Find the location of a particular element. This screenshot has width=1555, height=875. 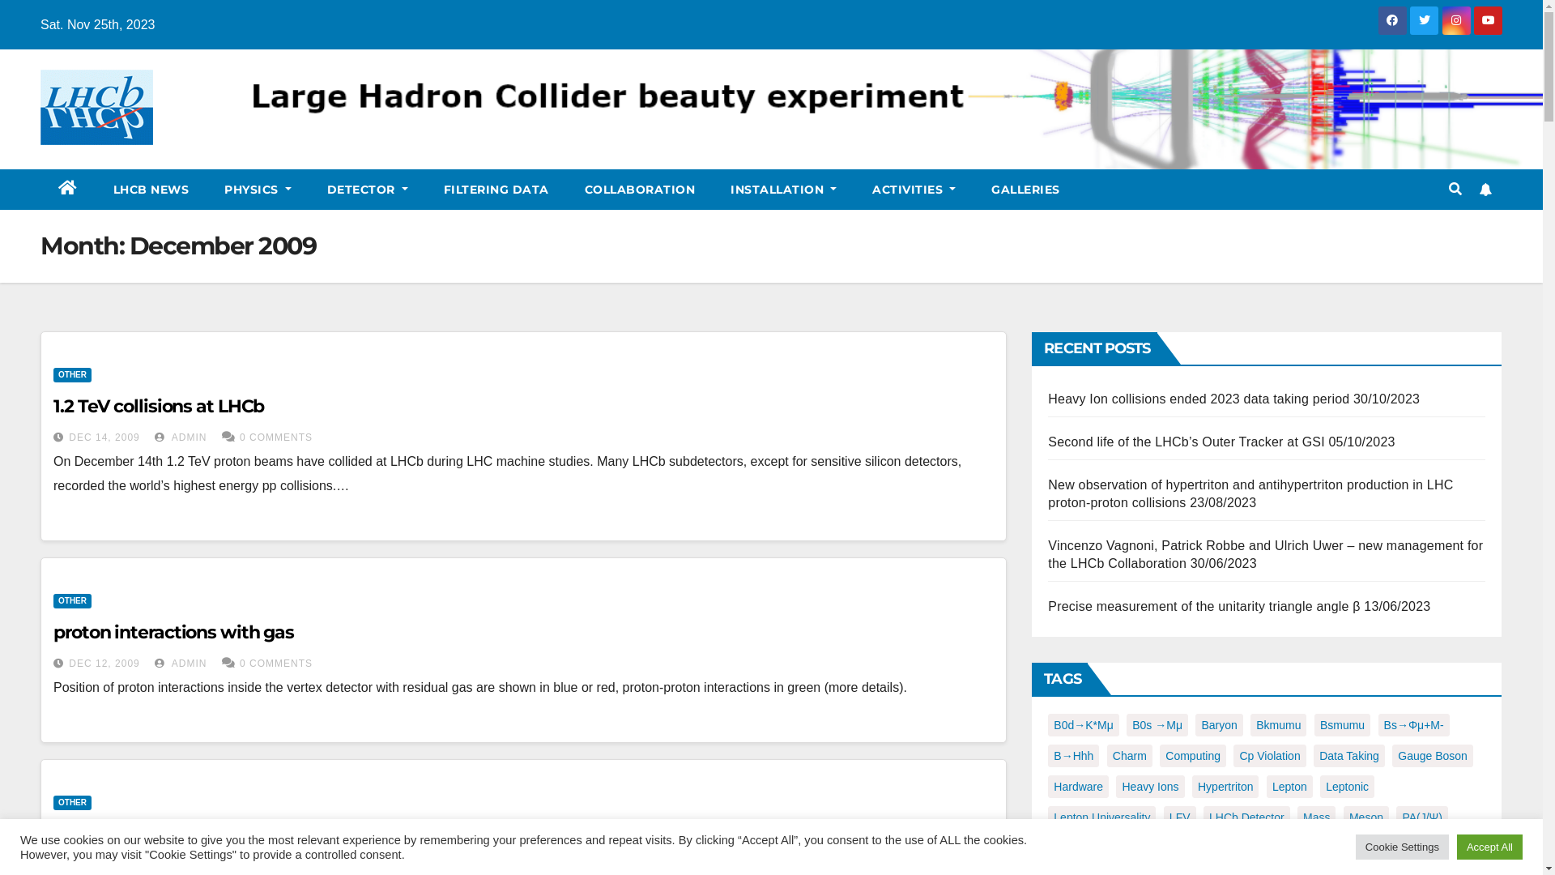

'Cp Violation' is located at coordinates (1268, 756).